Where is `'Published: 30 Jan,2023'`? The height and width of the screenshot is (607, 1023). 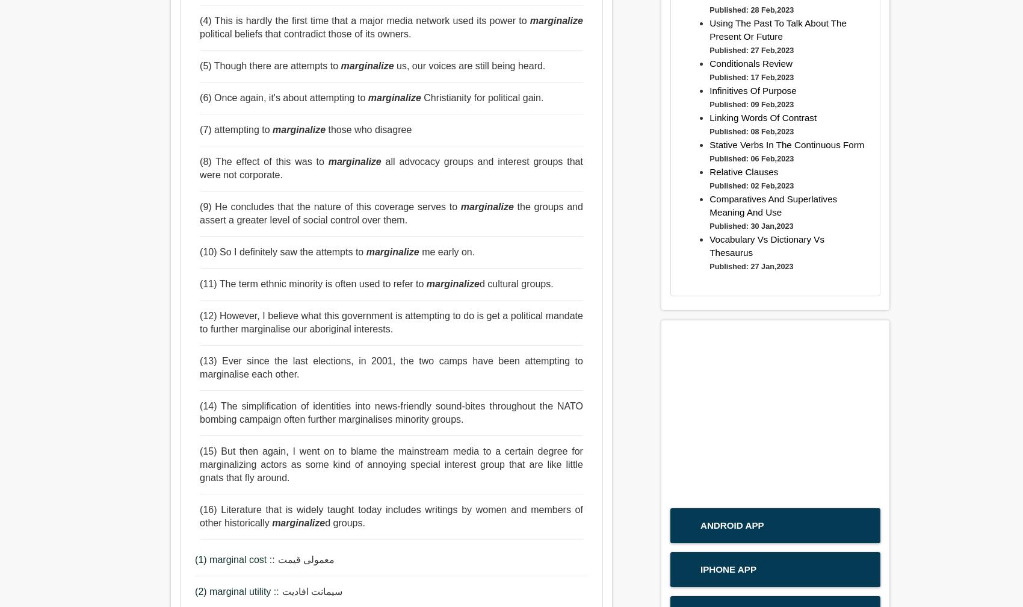 'Published: 30 Jan,2023' is located at coordinates (750, 225).